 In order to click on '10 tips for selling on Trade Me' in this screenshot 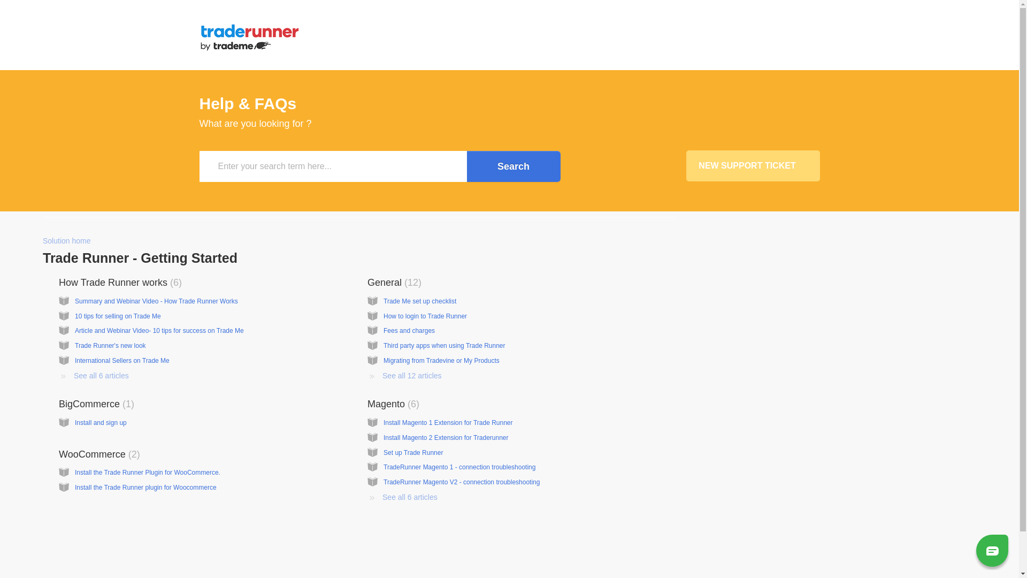, I will do `click(118, 315)`.